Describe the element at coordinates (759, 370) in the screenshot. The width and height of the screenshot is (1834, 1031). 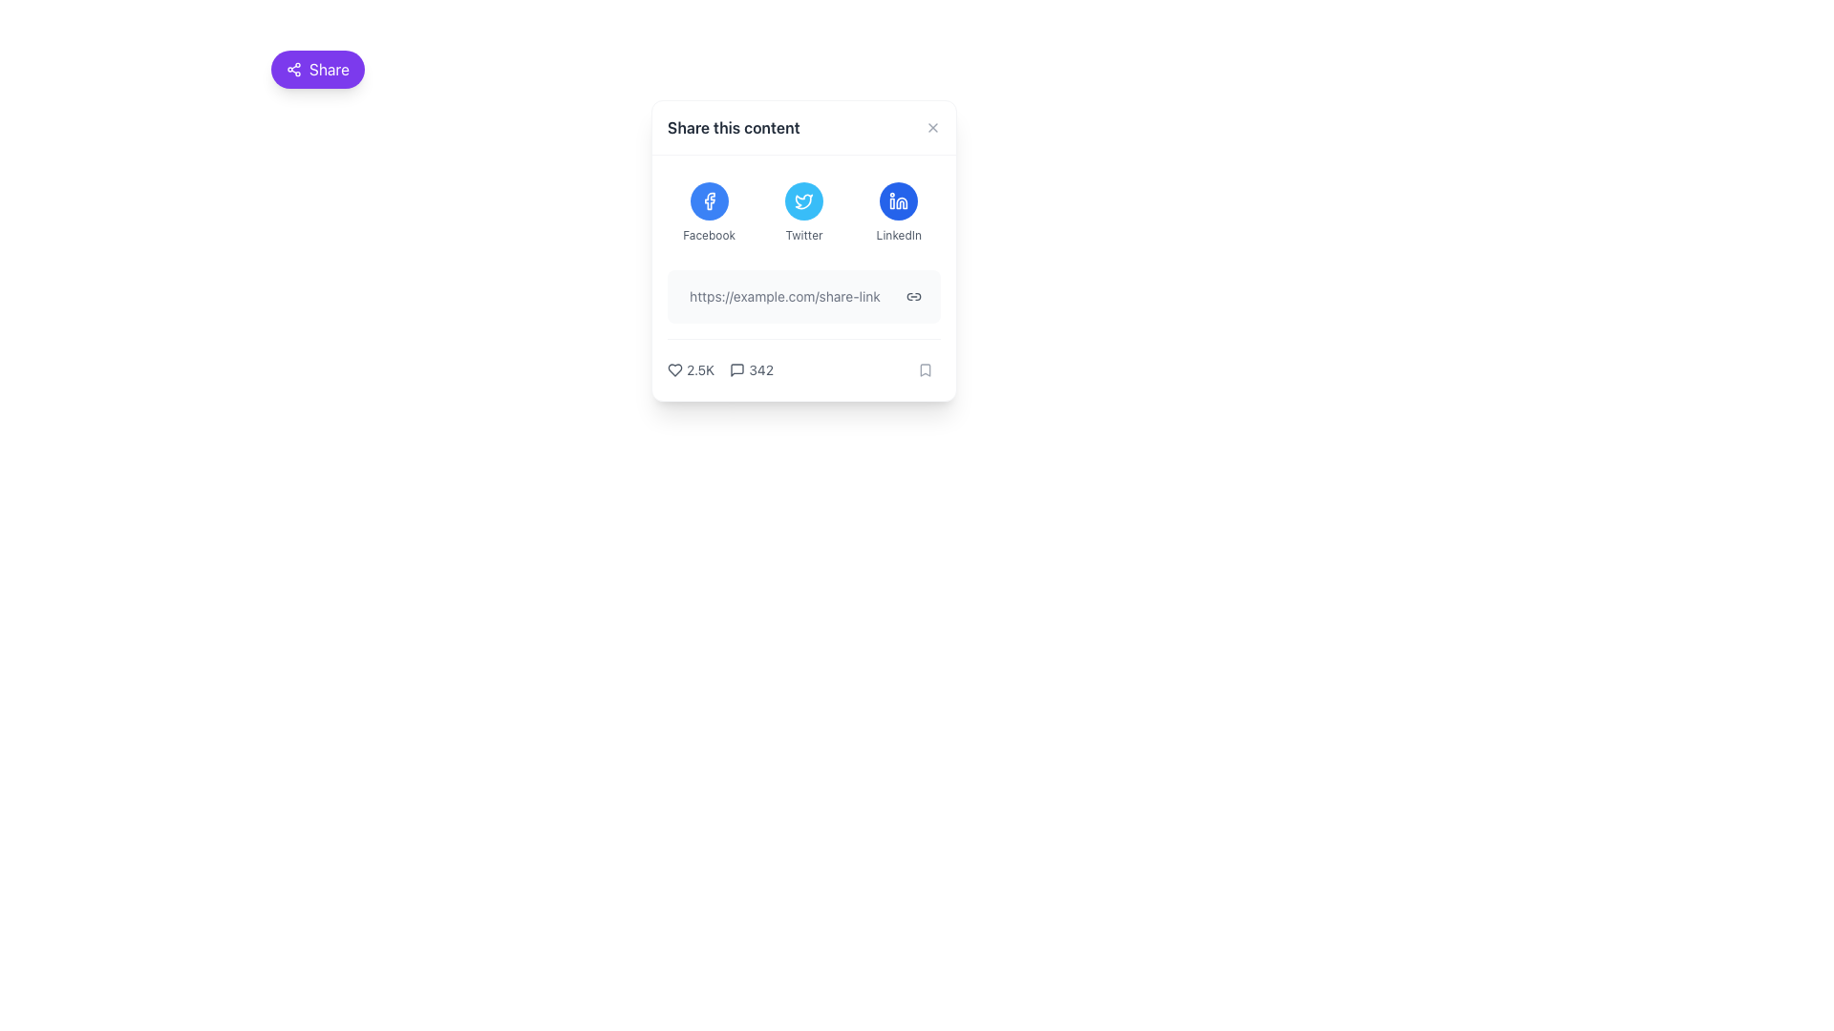
I see `the text displaying the number '342', which is styled in a small font size and gray color, located towards the bottom-right of a card adjacent to a comment icon` at that location.